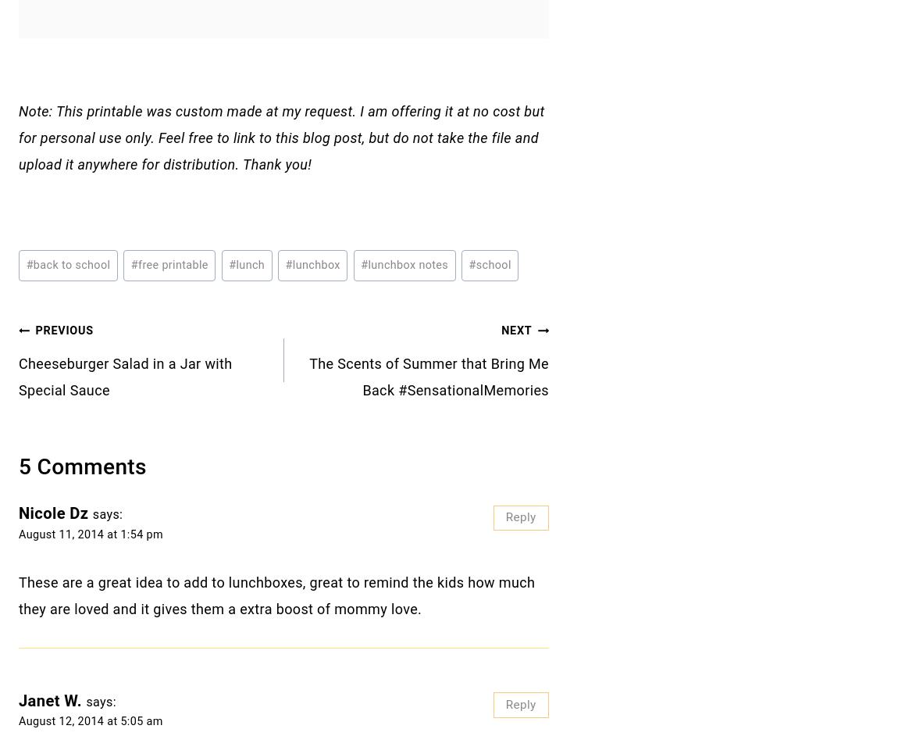 This screenshot has height=747, width=898. I want to click on 'Previous', so click(62, 331).